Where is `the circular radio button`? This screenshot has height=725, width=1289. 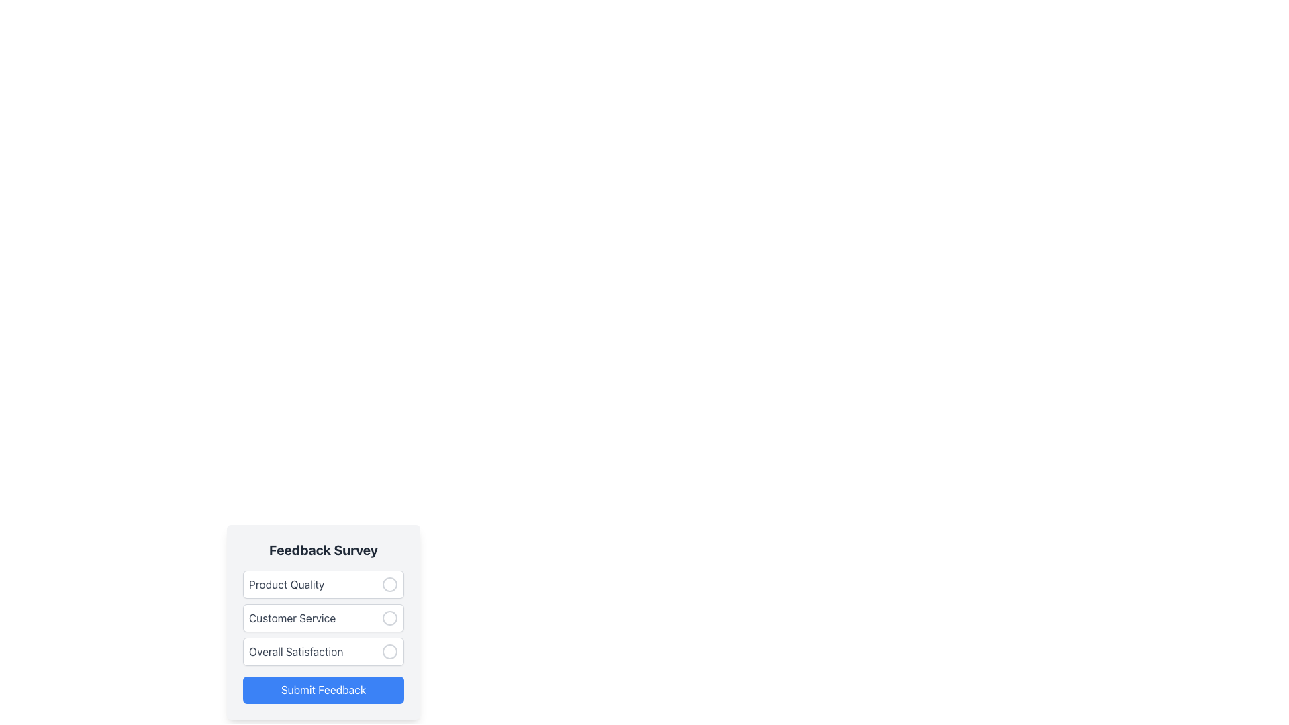 the circular radio button is located at coordinates (389, 584).